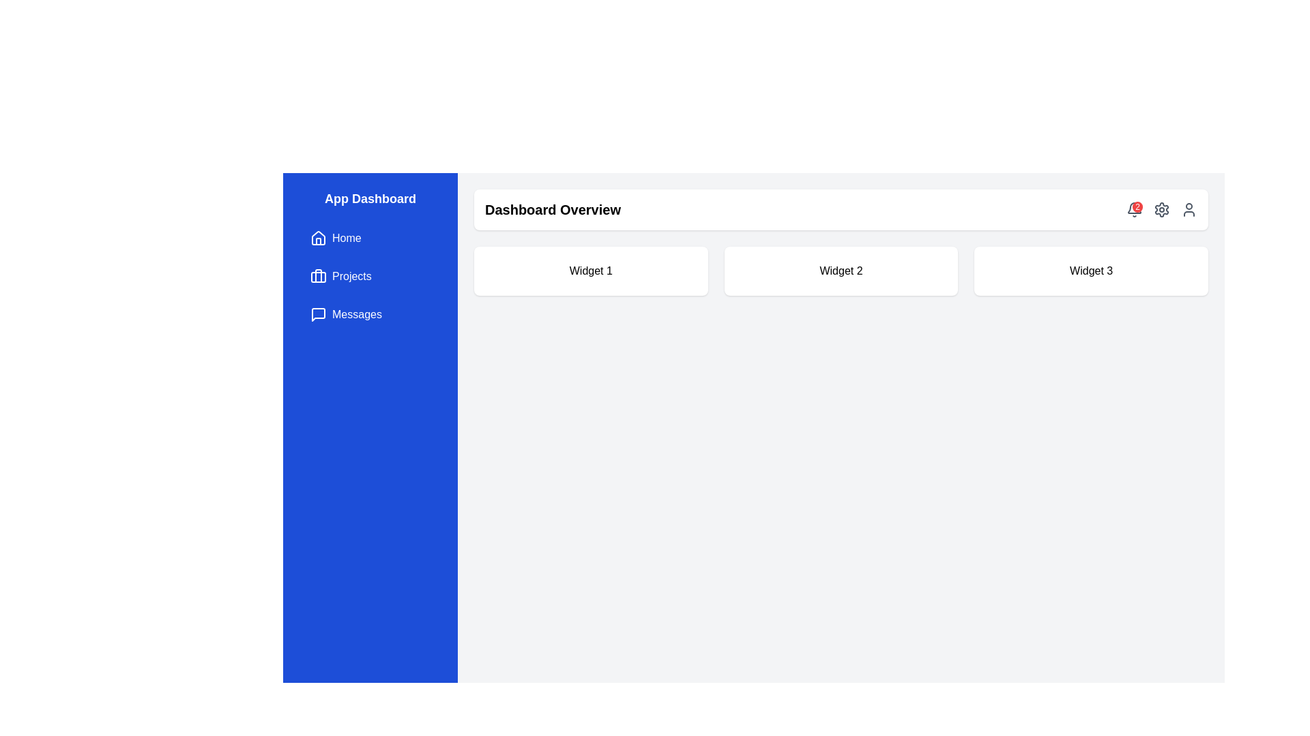  I want to click on properties of the decorative SVG shape that serves as the background feature of the briefcase icon in the 'Projects' section of the vertical menu bar, so click(317, 277).